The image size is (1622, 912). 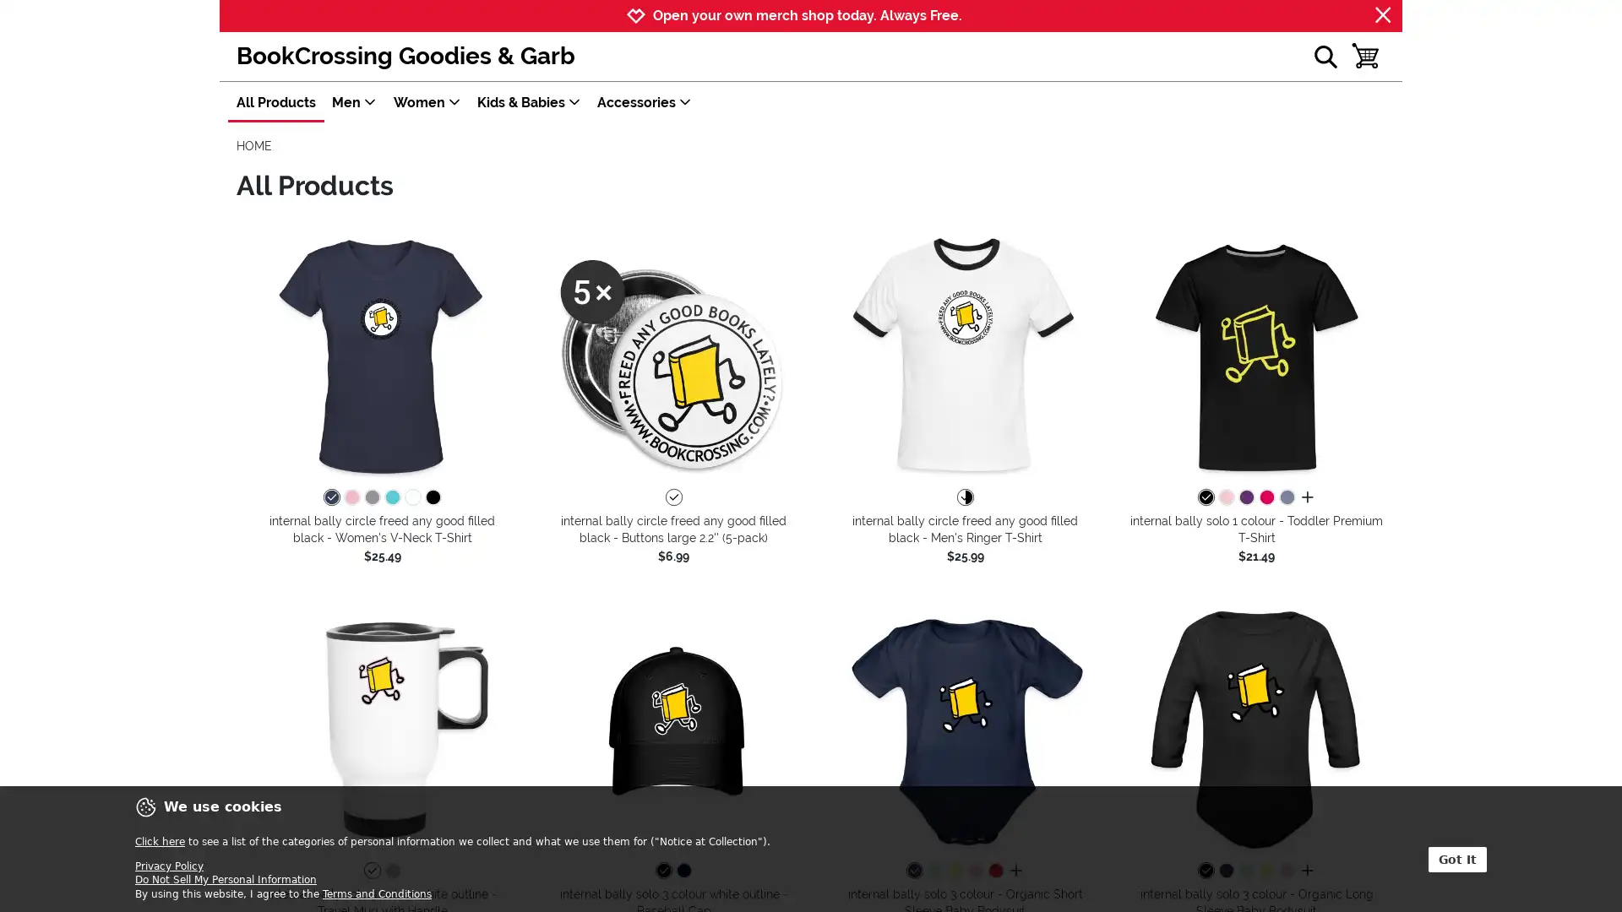 What do you see at coordinates (1256, 728) in the screenshot?
I see `internal bally solo 3 colour - Organic Long Sleeve Baby Bodysuit` at bounding box center [1256, 728].